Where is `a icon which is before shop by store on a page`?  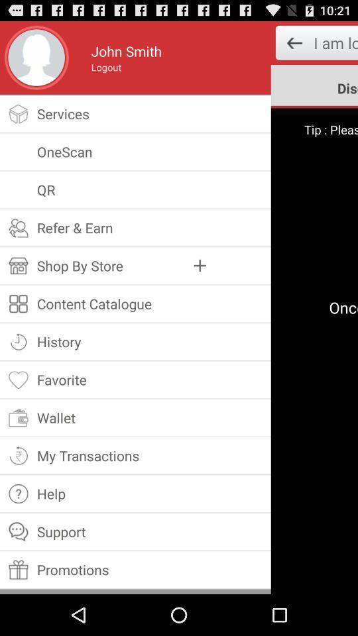
a icon which is before shop by store on a page is located at coordinates (18, 264).